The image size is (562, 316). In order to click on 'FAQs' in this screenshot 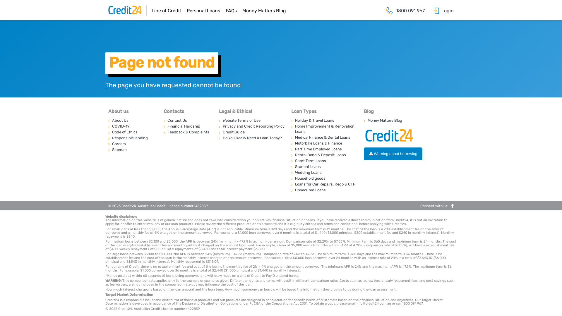, I will do `click(231, 10)`.